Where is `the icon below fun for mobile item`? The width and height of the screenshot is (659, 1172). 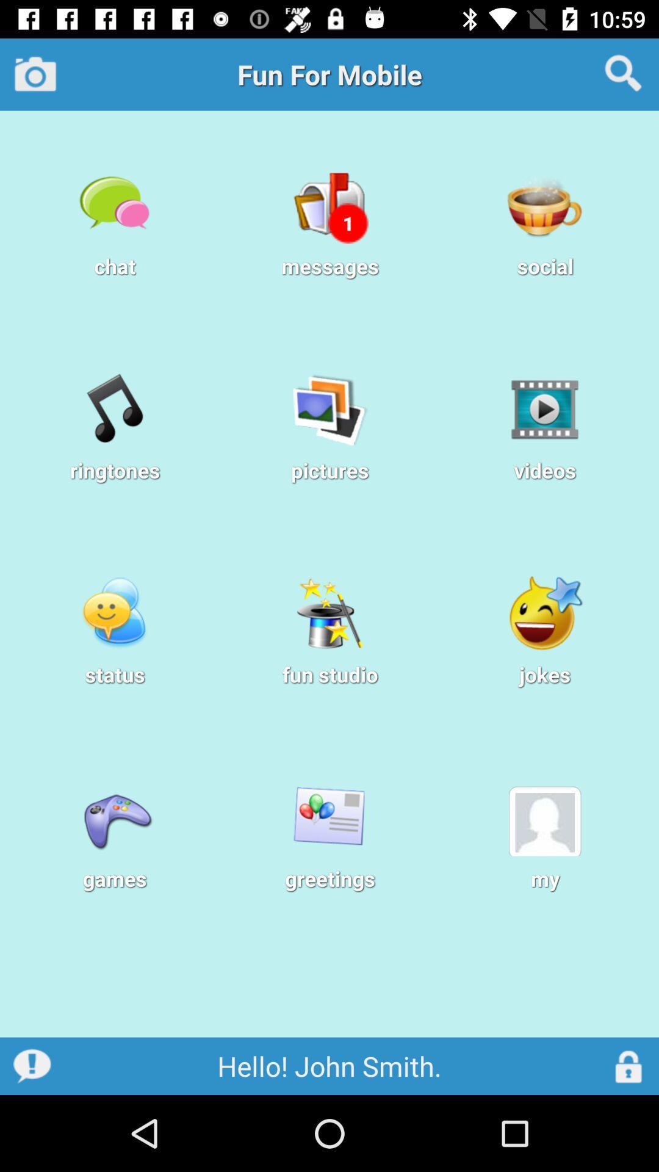
the icon below fun for mobile item is located at coordinates (348, 223).